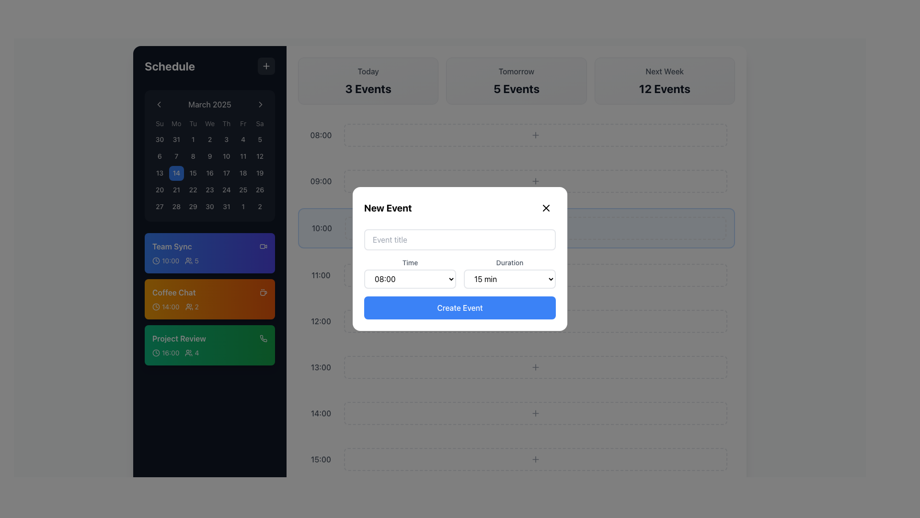 The height and width of the screenshot is (518, 920). What do you see at coordinates (264, 338) in the screenshot?
I see `the phone icon located in the bottom-right corner of the 'Project Review' event block to initiate the call interface` at bounding box center [264, 338].